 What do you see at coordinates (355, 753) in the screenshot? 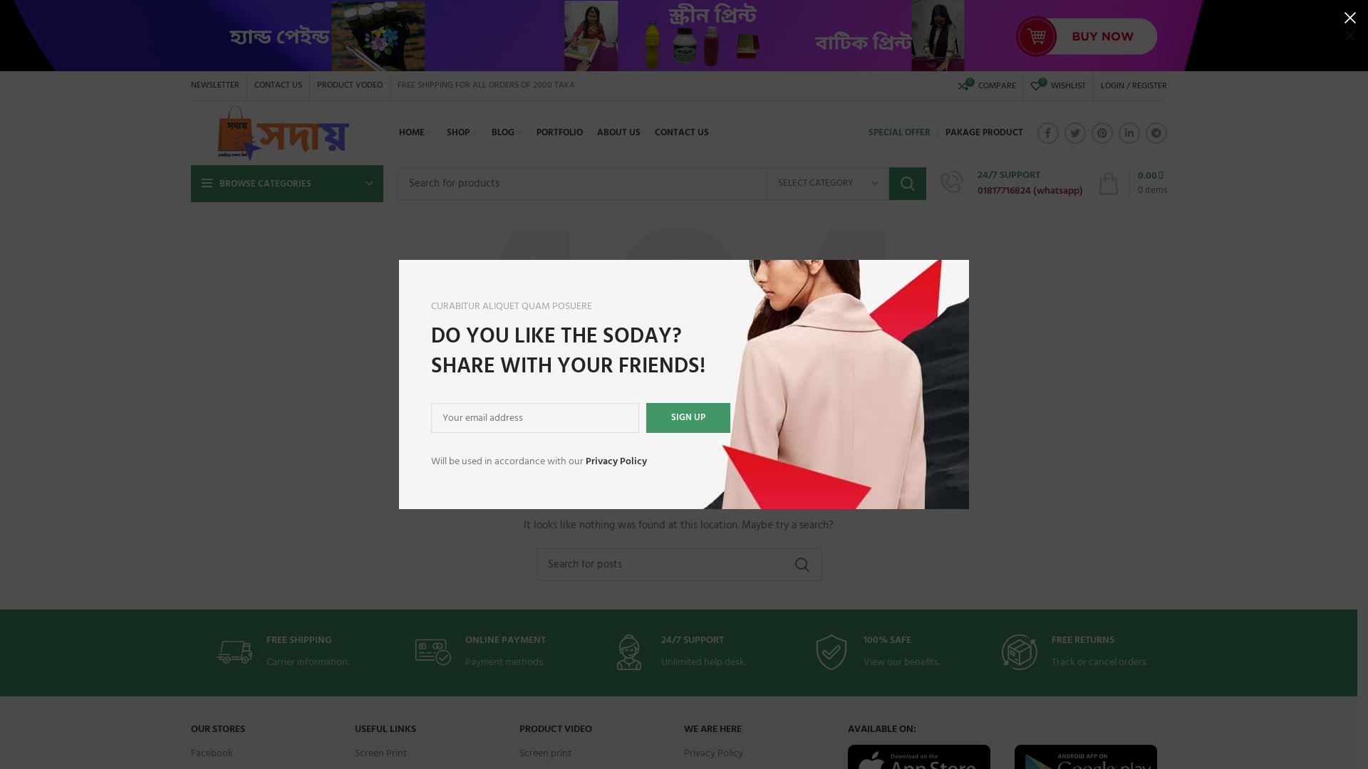
I see `'Screen Print'` at bounding box center [355, 753].